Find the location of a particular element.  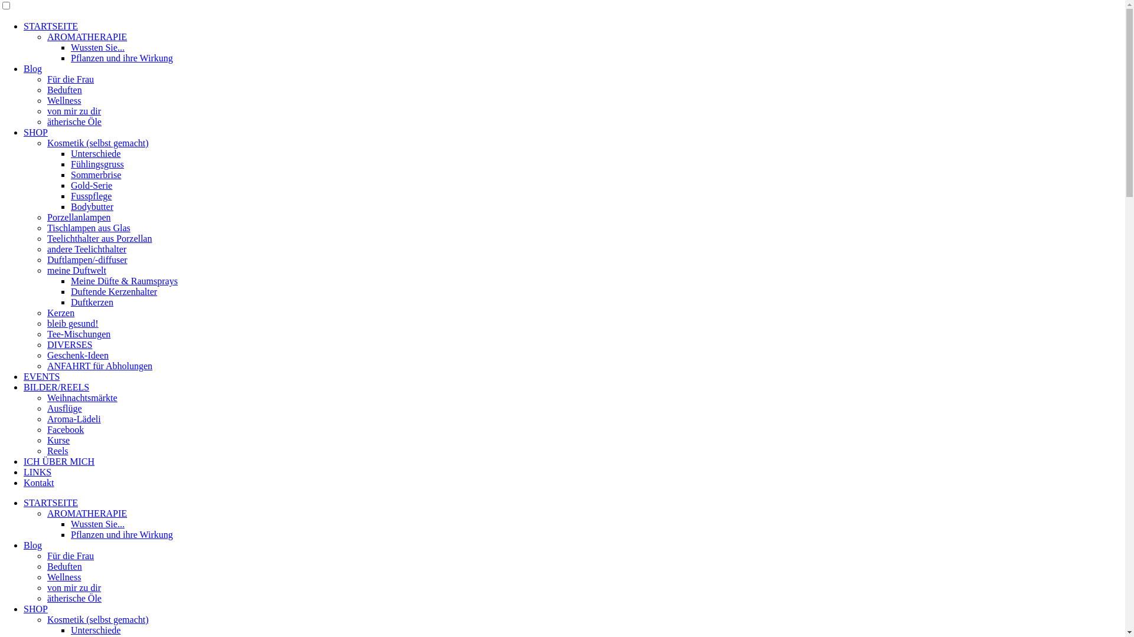

'Blog' is located at coordinates (32, 545).